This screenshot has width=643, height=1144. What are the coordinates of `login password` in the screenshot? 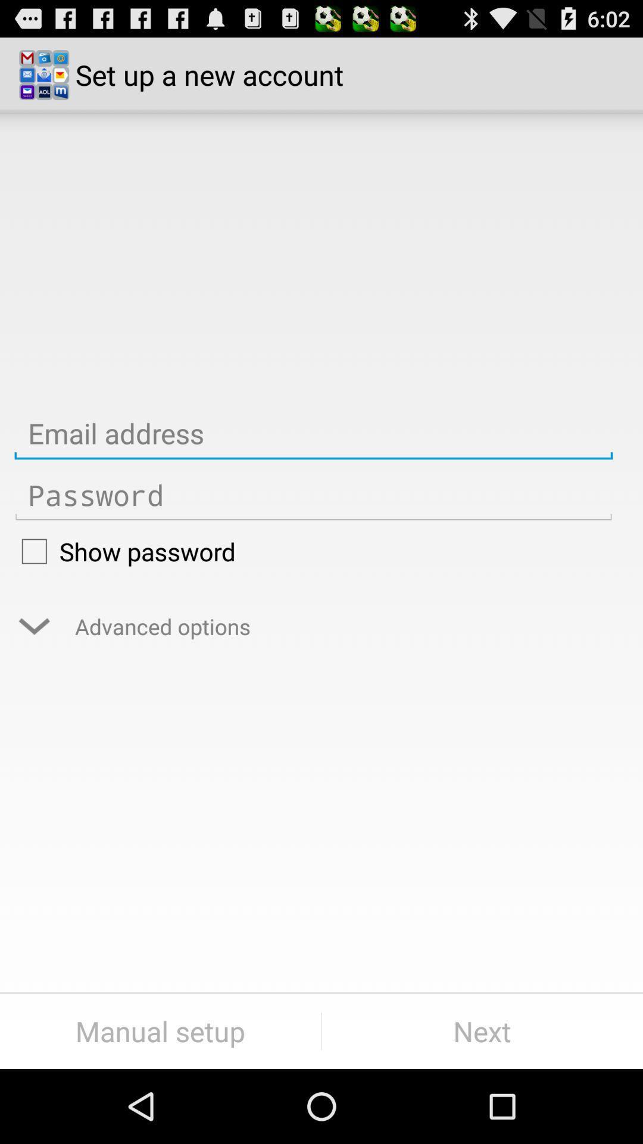 It's located at (313, 495).